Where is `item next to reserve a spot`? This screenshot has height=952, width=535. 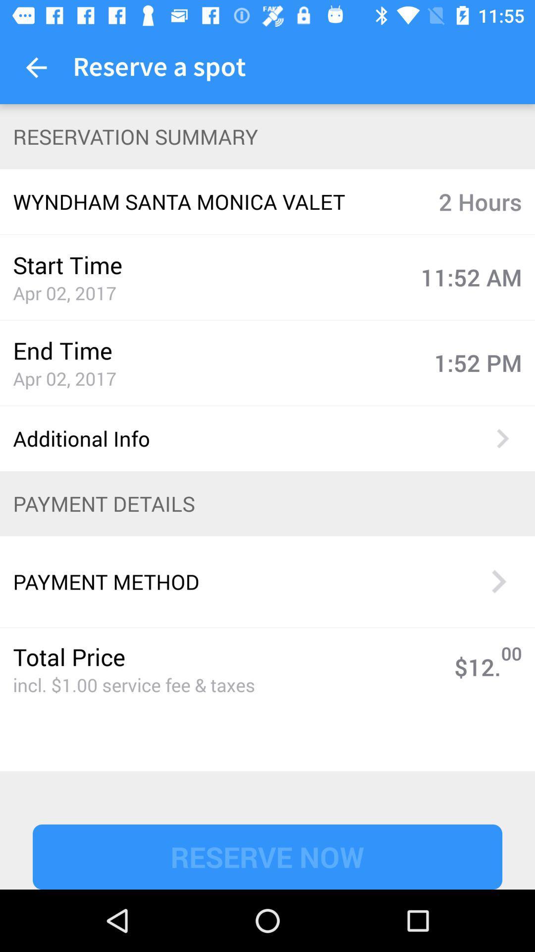
item next to reserve a spot is located at coordinates (36, 67).